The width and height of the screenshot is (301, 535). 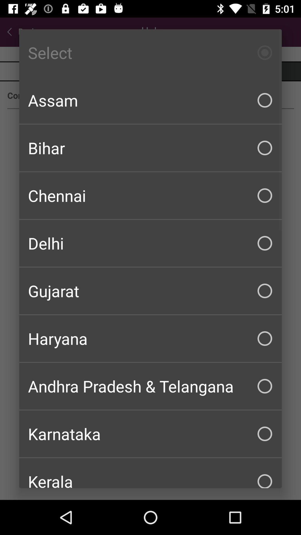 I want to click on checkbox below the delhi, so click(x=151, y=290).